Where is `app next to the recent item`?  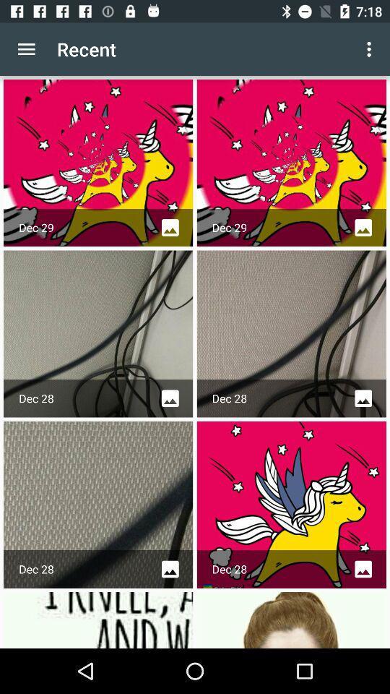 app next to the recent item is located at coordinates (370, 49).